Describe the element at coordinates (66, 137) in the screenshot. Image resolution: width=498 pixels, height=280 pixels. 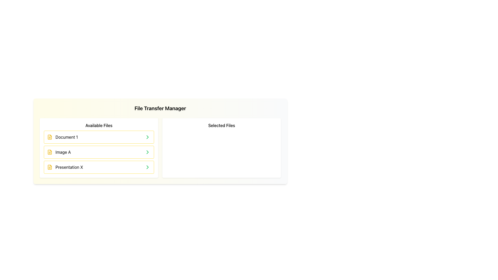
I see `text label that identifies the file named 'Document 1' located in the first row of the 'Available Files' panel` at that location.